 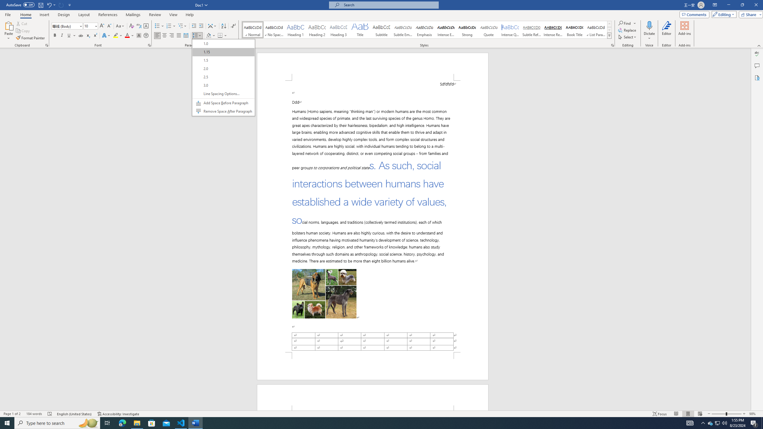 What do you see at coordinates (196, 422) in the screenshot?
I see `'Word - 1 running window'` at bounding box center [196, 422].